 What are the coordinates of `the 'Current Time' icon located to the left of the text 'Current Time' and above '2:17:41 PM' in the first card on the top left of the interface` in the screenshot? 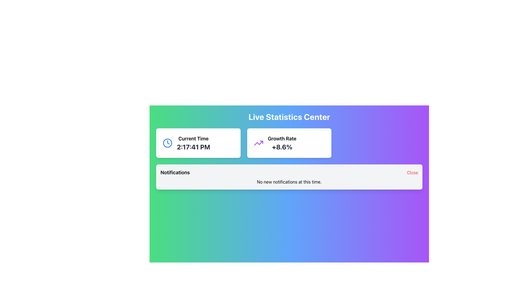 It's located at (167, 143).